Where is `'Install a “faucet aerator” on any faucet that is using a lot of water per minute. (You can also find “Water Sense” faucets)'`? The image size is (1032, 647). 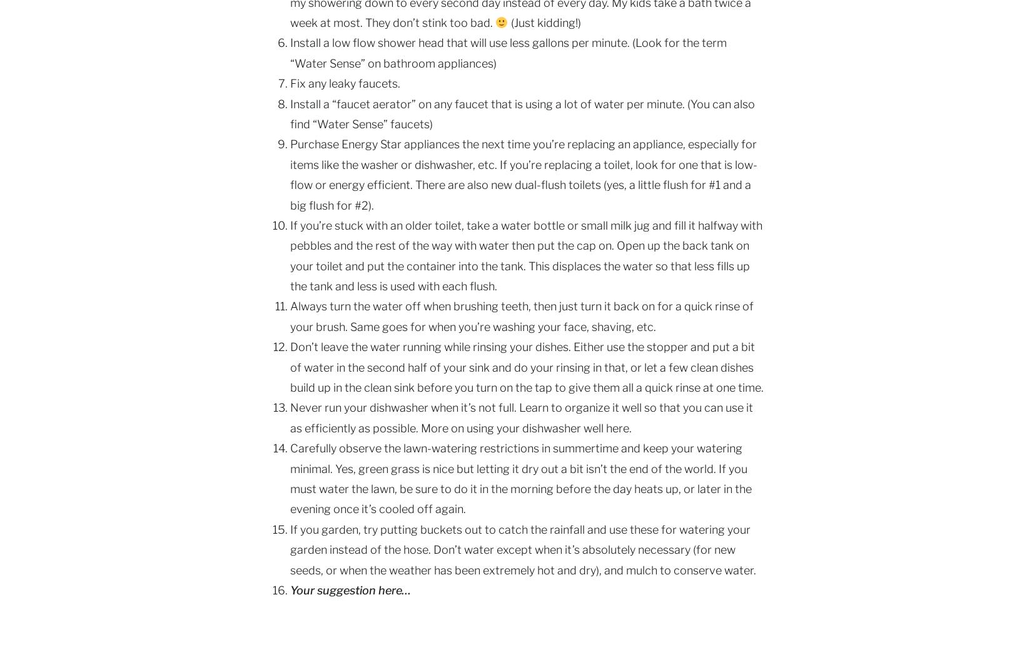
'Install a “faucet aerator” on any faucet that is using a lot of water per minute. (You can also find “Water Sense” faucets)' is located at coordinates (522, 113).